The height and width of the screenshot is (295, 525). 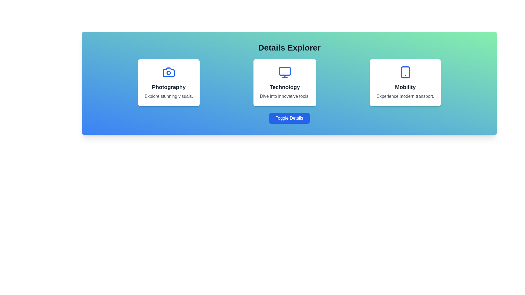 I want to click on the content of the text label that provides supplementary description for the 'Technology' card, located directly below the heading 'Technology' in the center card of a three-card arrangement, so click(x=284, y=96).